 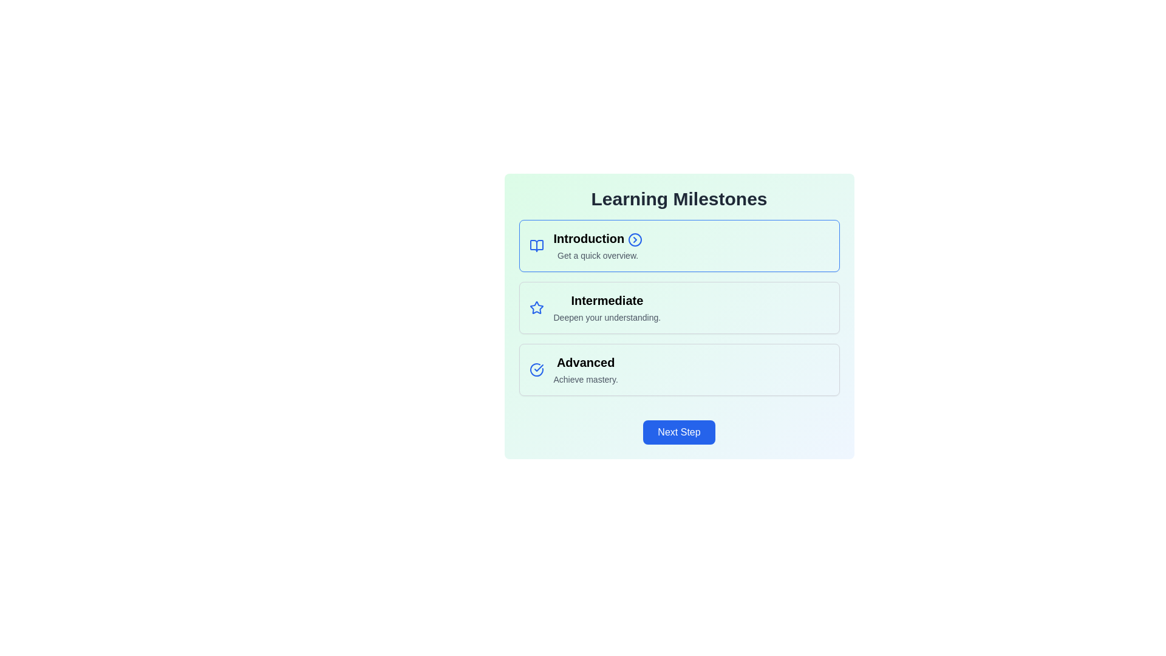 What do you see at coordinates (634, 239) in the screenshot?
I see `the SVG Circle element which is part of a right-chevron icon next to the 'Introduction' text in a highlighted box` at bounding box center [634, 239].